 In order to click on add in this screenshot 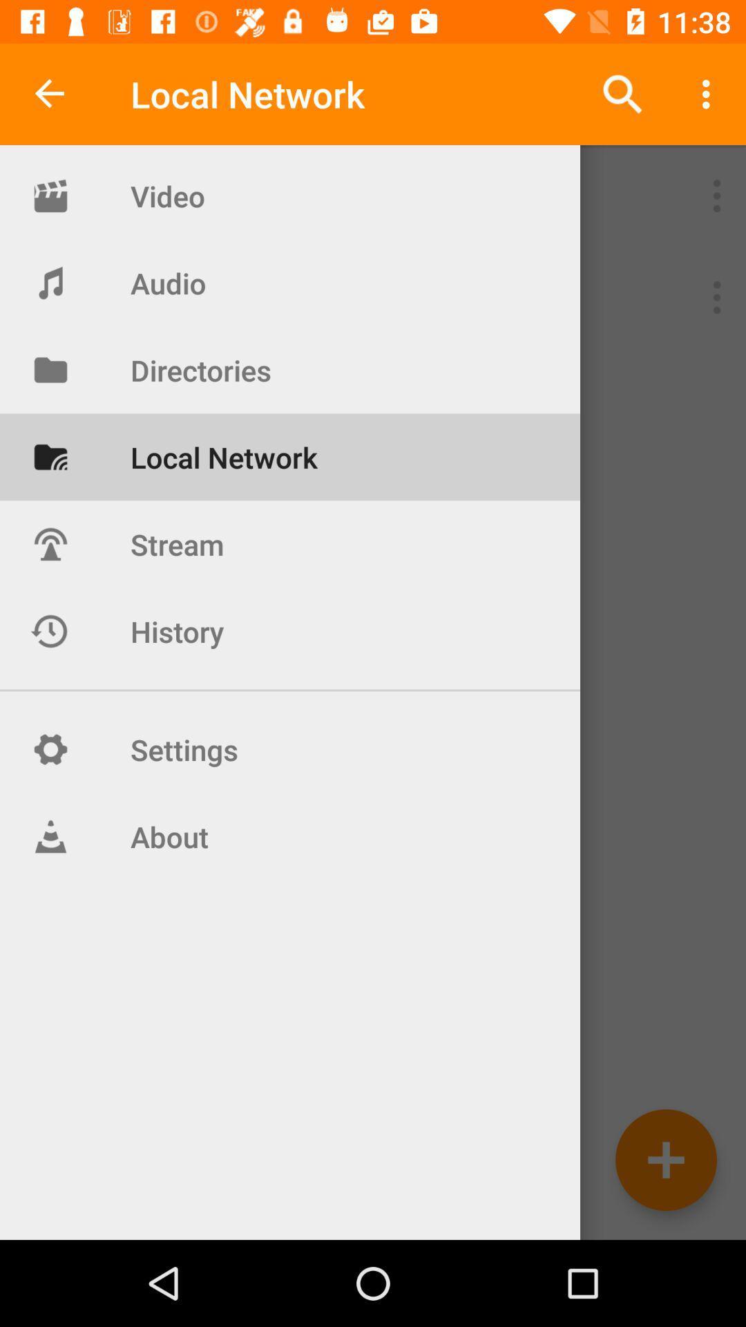, I will do `click(665, 1160)`.